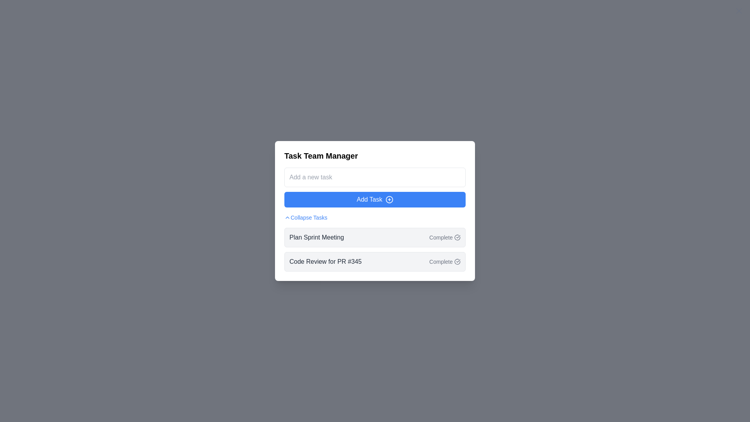  I want to click on the completion icon located to the right of the task title 'Code Review for PR #345', adjacent to the text 'Complete', so click(457, 262).